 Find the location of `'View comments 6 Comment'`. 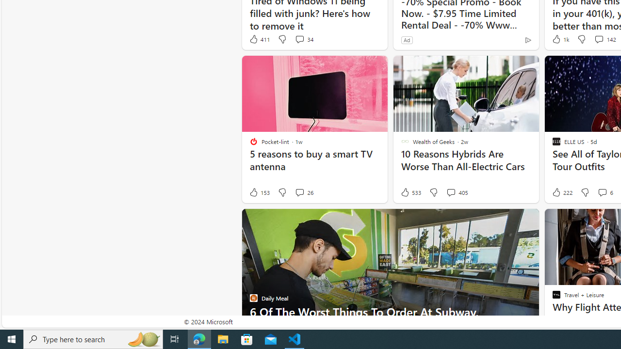

'View comments 6 Comment' is located at coordinates (605, 192).